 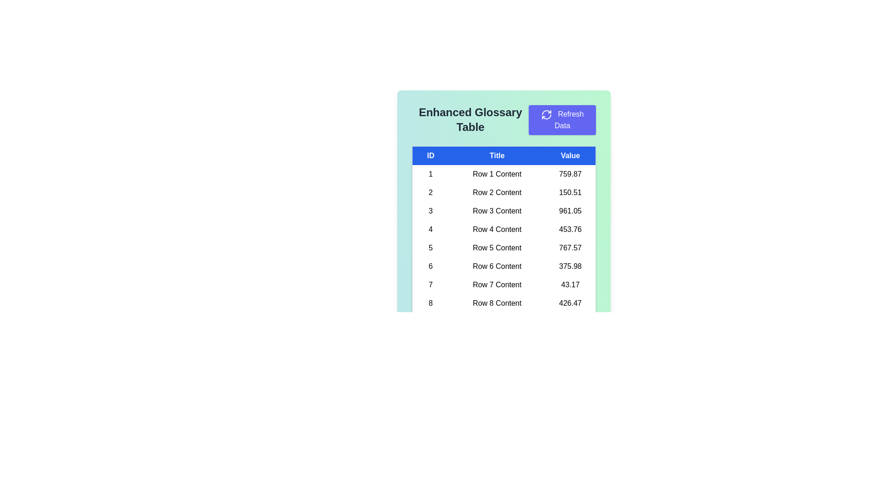 What do you see at coordinates (503, 155) in the screenshot?
I see `the header of the table to focus on the title` at bounding box center [503, 155].